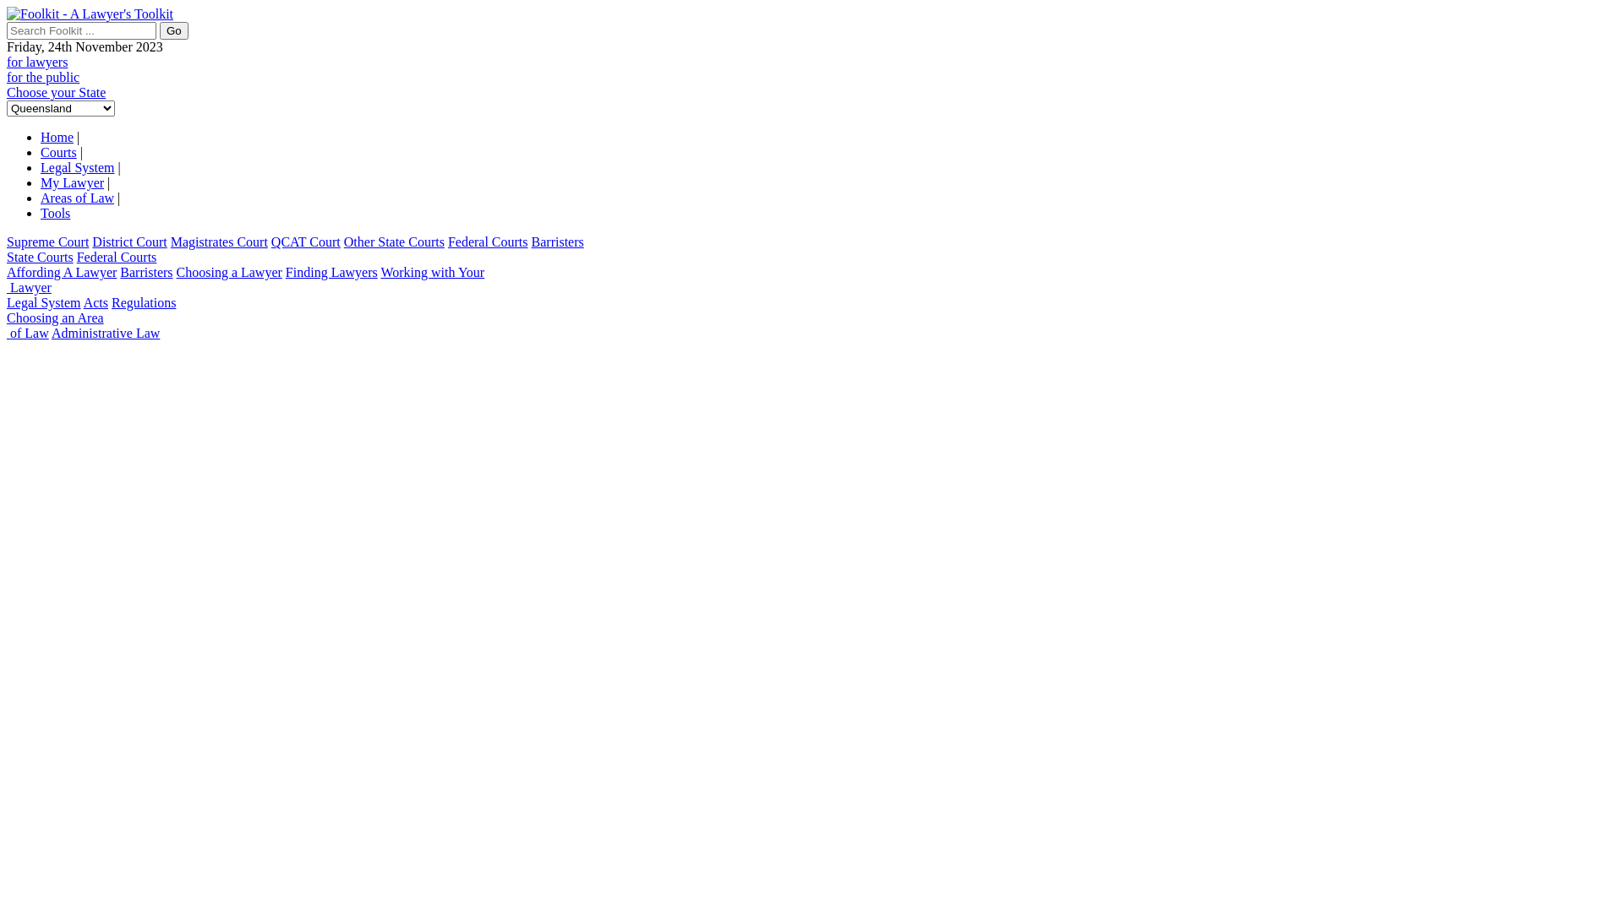  I want to click on 'Barristers', so click(145, 271).